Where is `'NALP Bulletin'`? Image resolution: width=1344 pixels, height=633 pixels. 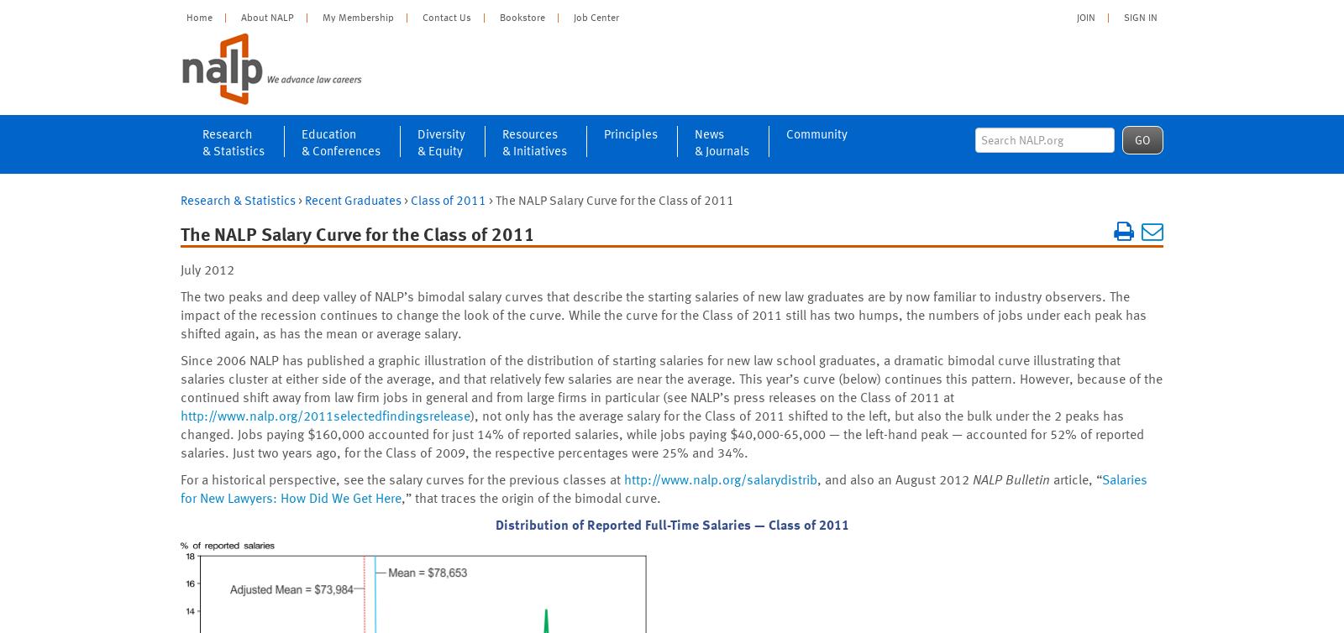 'NALP Bulletin' is located at coordinates (1011, 479).